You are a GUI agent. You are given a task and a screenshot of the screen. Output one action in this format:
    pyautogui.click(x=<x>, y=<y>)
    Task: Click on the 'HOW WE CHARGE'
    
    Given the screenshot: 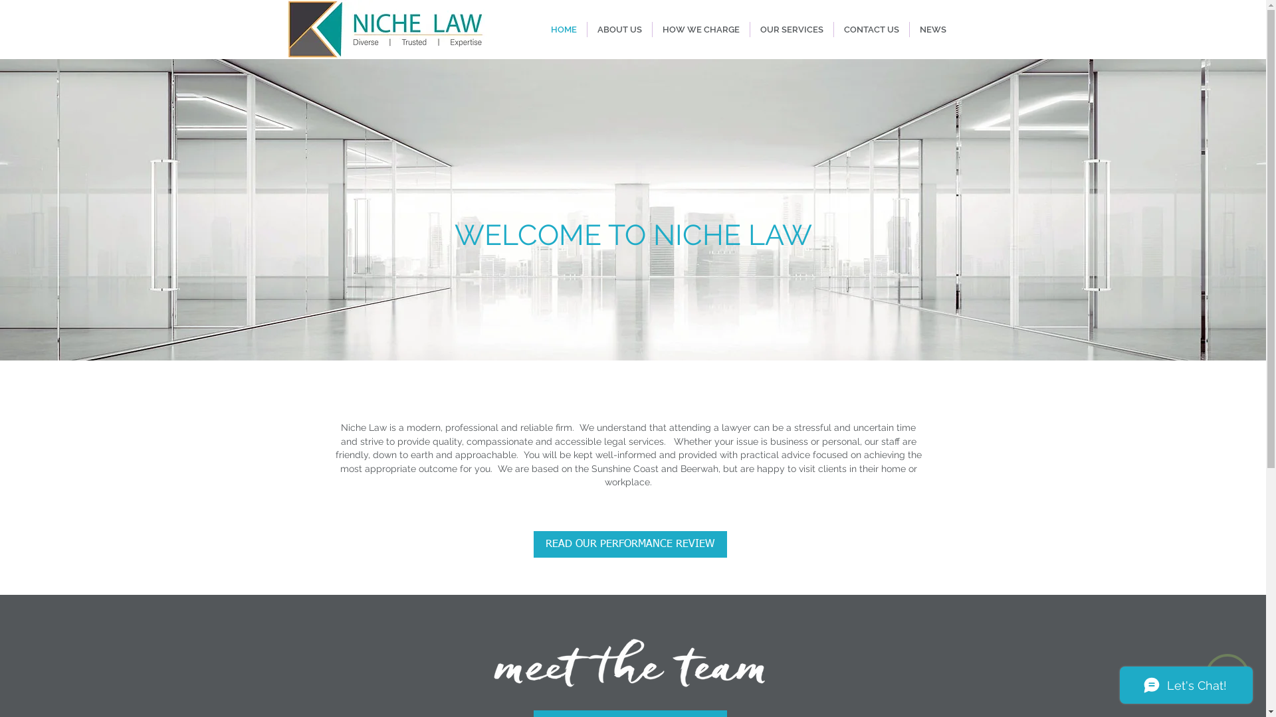 What is the action you would take?
    pyautogui.click(x=700, y=29)
    